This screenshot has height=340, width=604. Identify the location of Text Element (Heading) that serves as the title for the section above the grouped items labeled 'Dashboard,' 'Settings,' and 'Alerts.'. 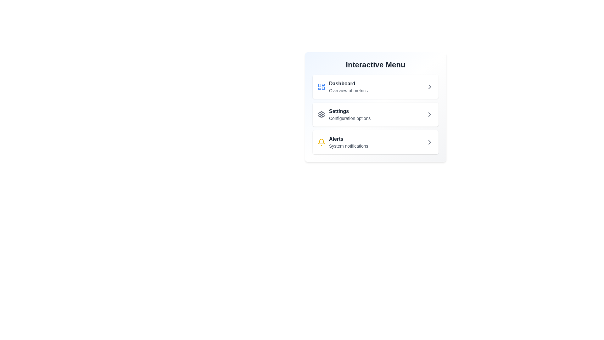
(376, 65).